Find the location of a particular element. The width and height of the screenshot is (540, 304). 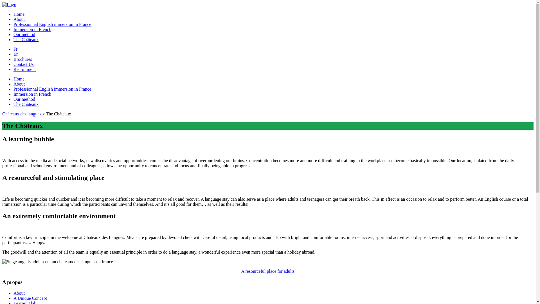

'Home' is located at coordinates (19, 79).